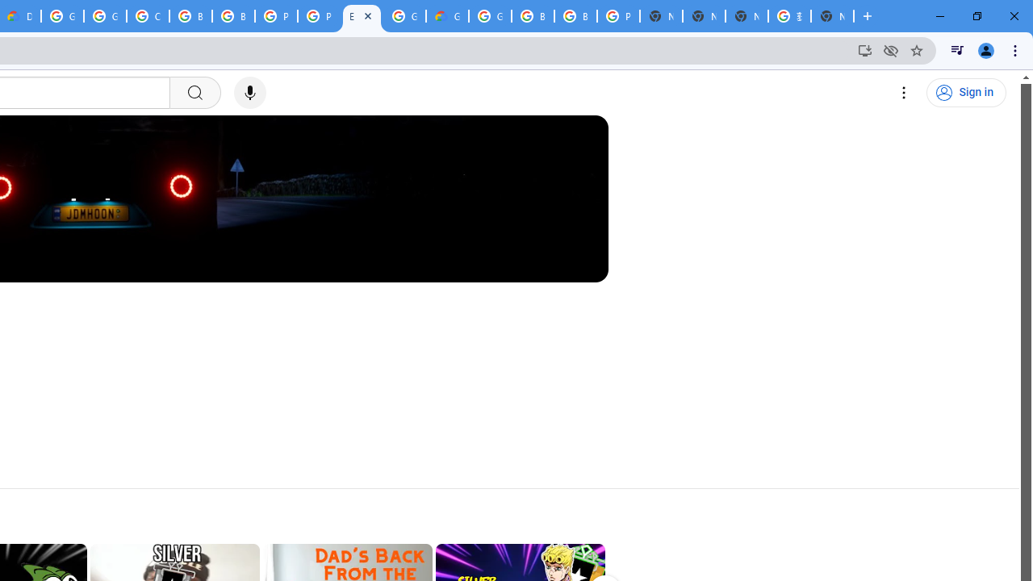 The height and width of the screenshot is (581, 1033). What do you see at coordinates (533, 16) in the screenshot?
I see `'Browse Chrome as a guest - Computer - Google Chrome Help'` at bounding box center [533, 16].